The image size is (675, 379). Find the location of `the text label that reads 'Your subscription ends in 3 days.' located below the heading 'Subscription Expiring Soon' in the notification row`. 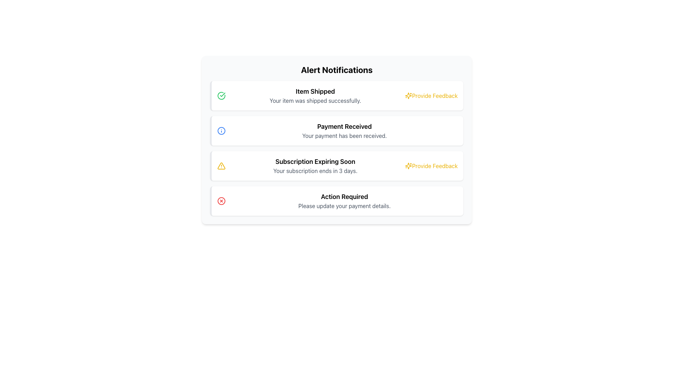

the text label that reads 'Your subscription ends in 3 days.' located below the heading 'Subscription Expiring Soon' in the notification row is located at coordinates (315, 171).